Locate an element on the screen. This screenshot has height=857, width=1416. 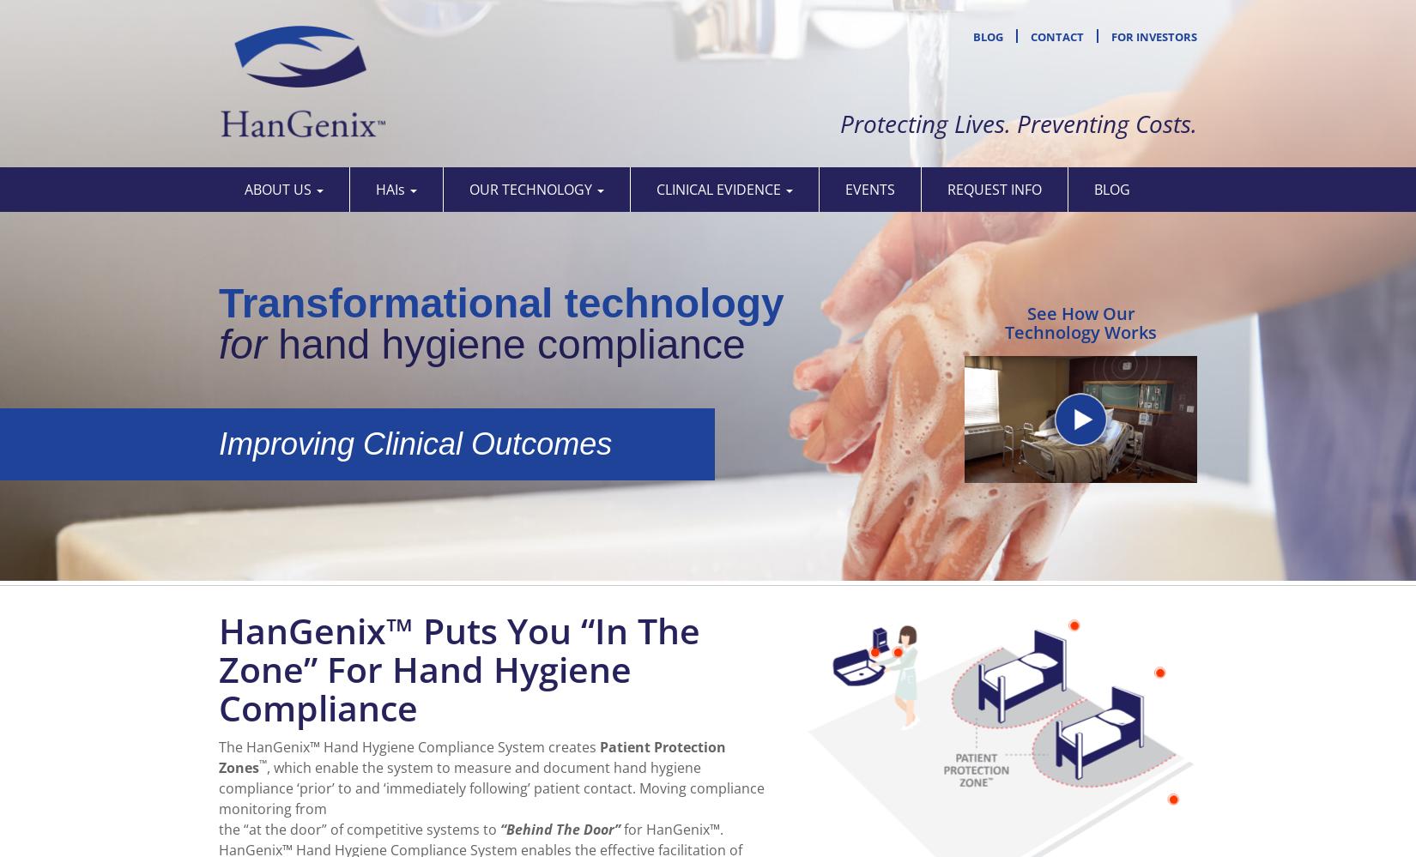
'For Investors' is located at coordinates (1110, 36).